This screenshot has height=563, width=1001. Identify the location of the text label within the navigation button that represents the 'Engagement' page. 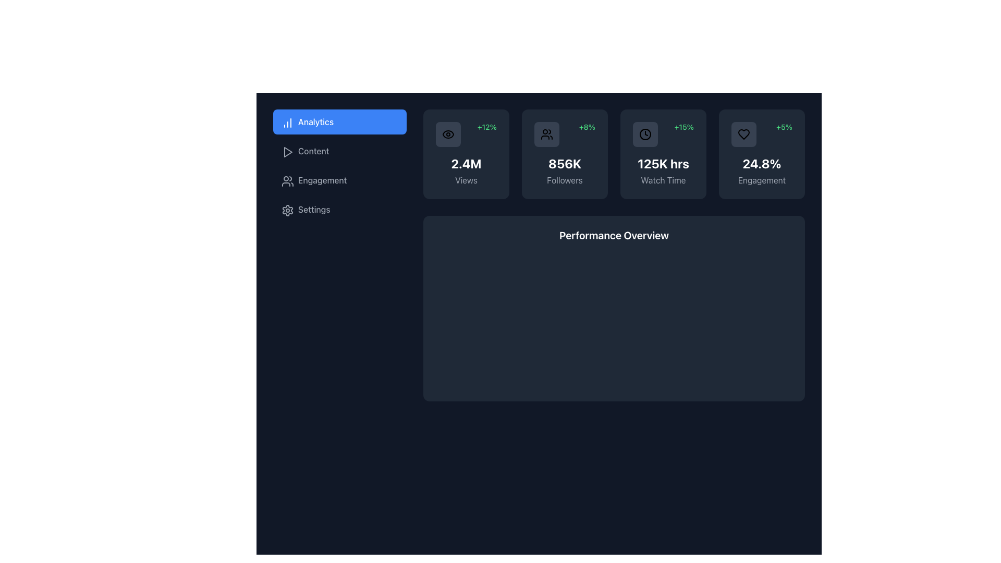
(322, 180).